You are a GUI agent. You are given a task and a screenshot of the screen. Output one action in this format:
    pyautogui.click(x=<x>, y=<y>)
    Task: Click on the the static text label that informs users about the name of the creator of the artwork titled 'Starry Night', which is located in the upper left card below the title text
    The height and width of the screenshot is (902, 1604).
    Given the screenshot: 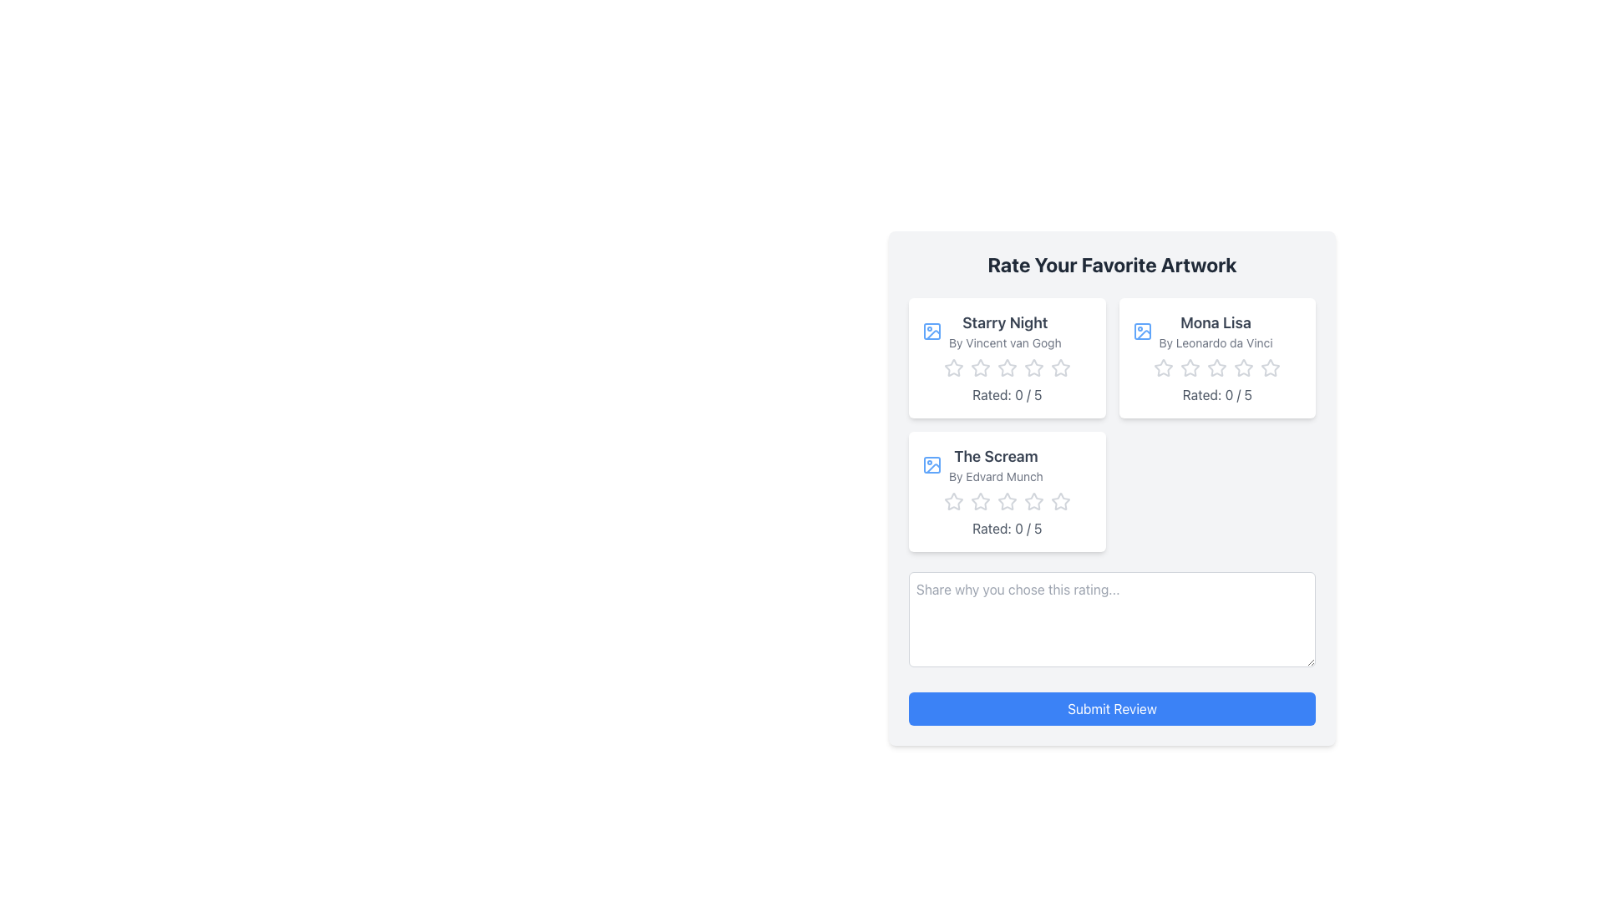 What is the action you would take?
    pyautogui.click(x=1004, y=342)
    